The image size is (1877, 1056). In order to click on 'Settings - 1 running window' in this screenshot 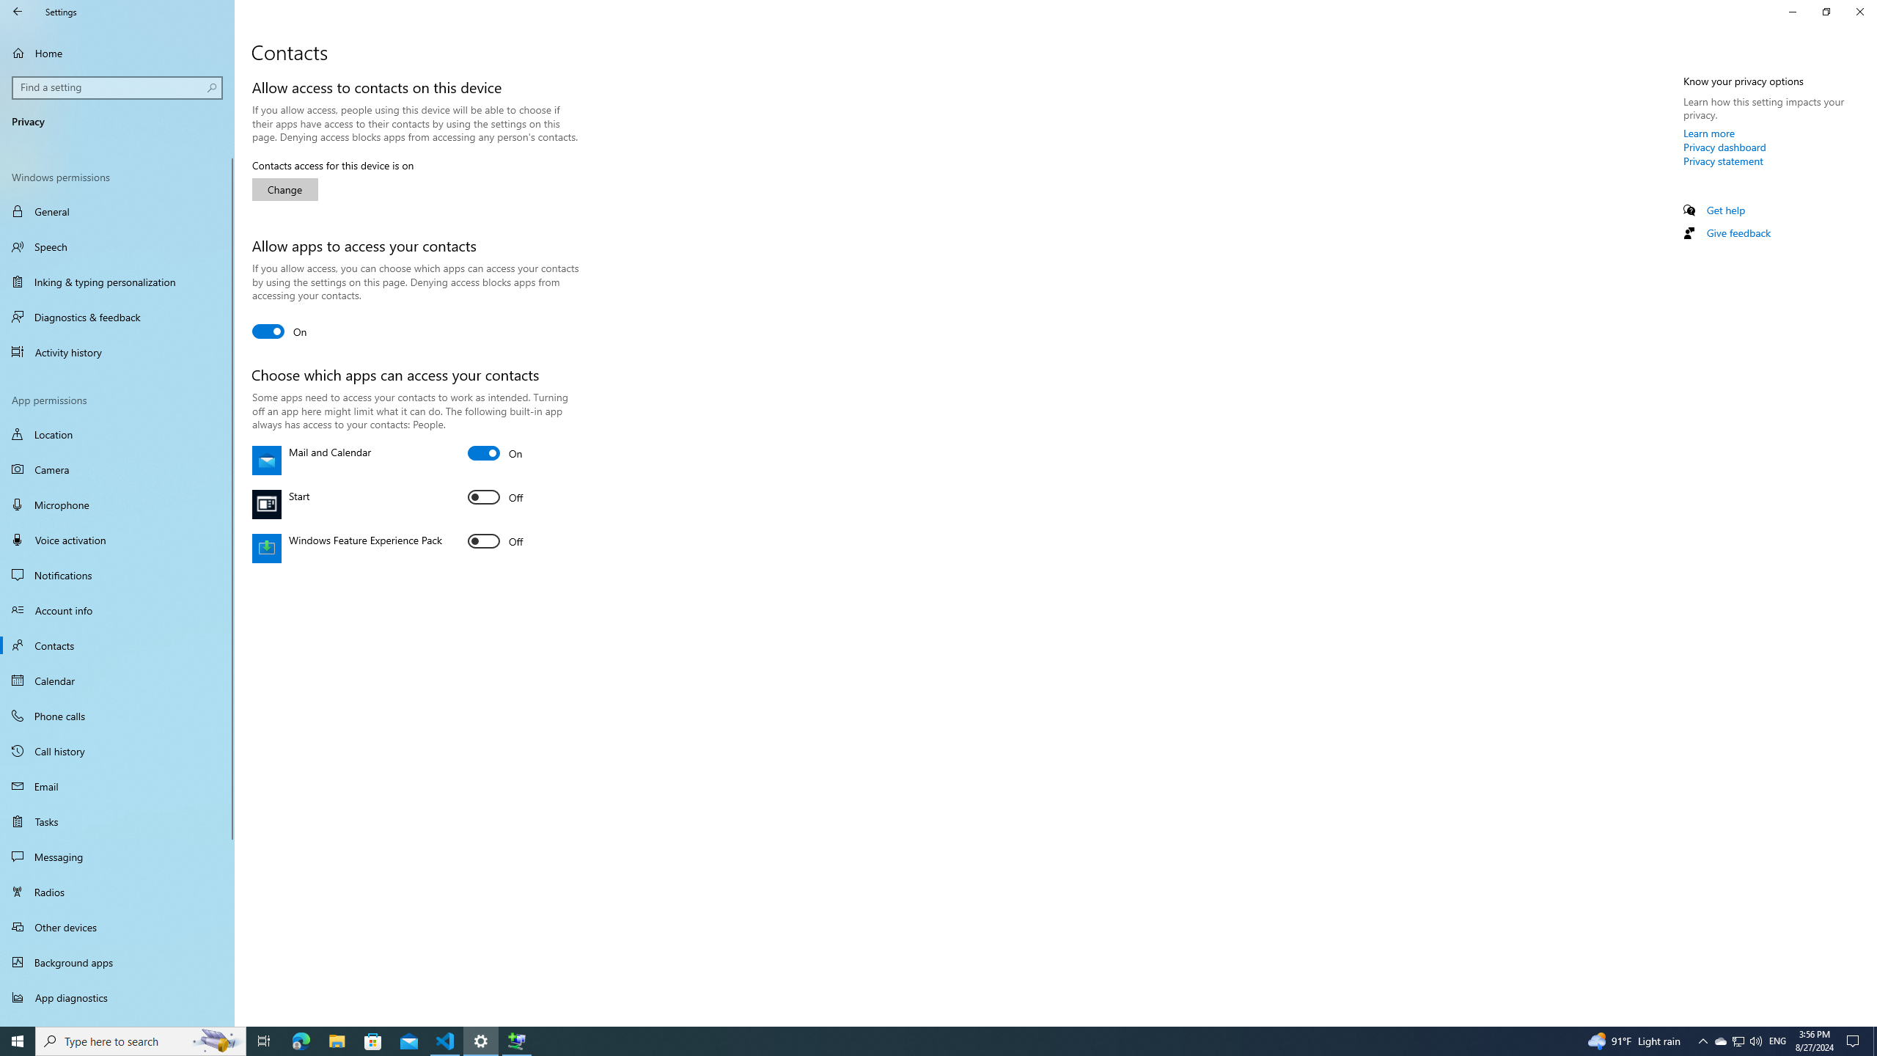, I will do `click(481, 1040)`.